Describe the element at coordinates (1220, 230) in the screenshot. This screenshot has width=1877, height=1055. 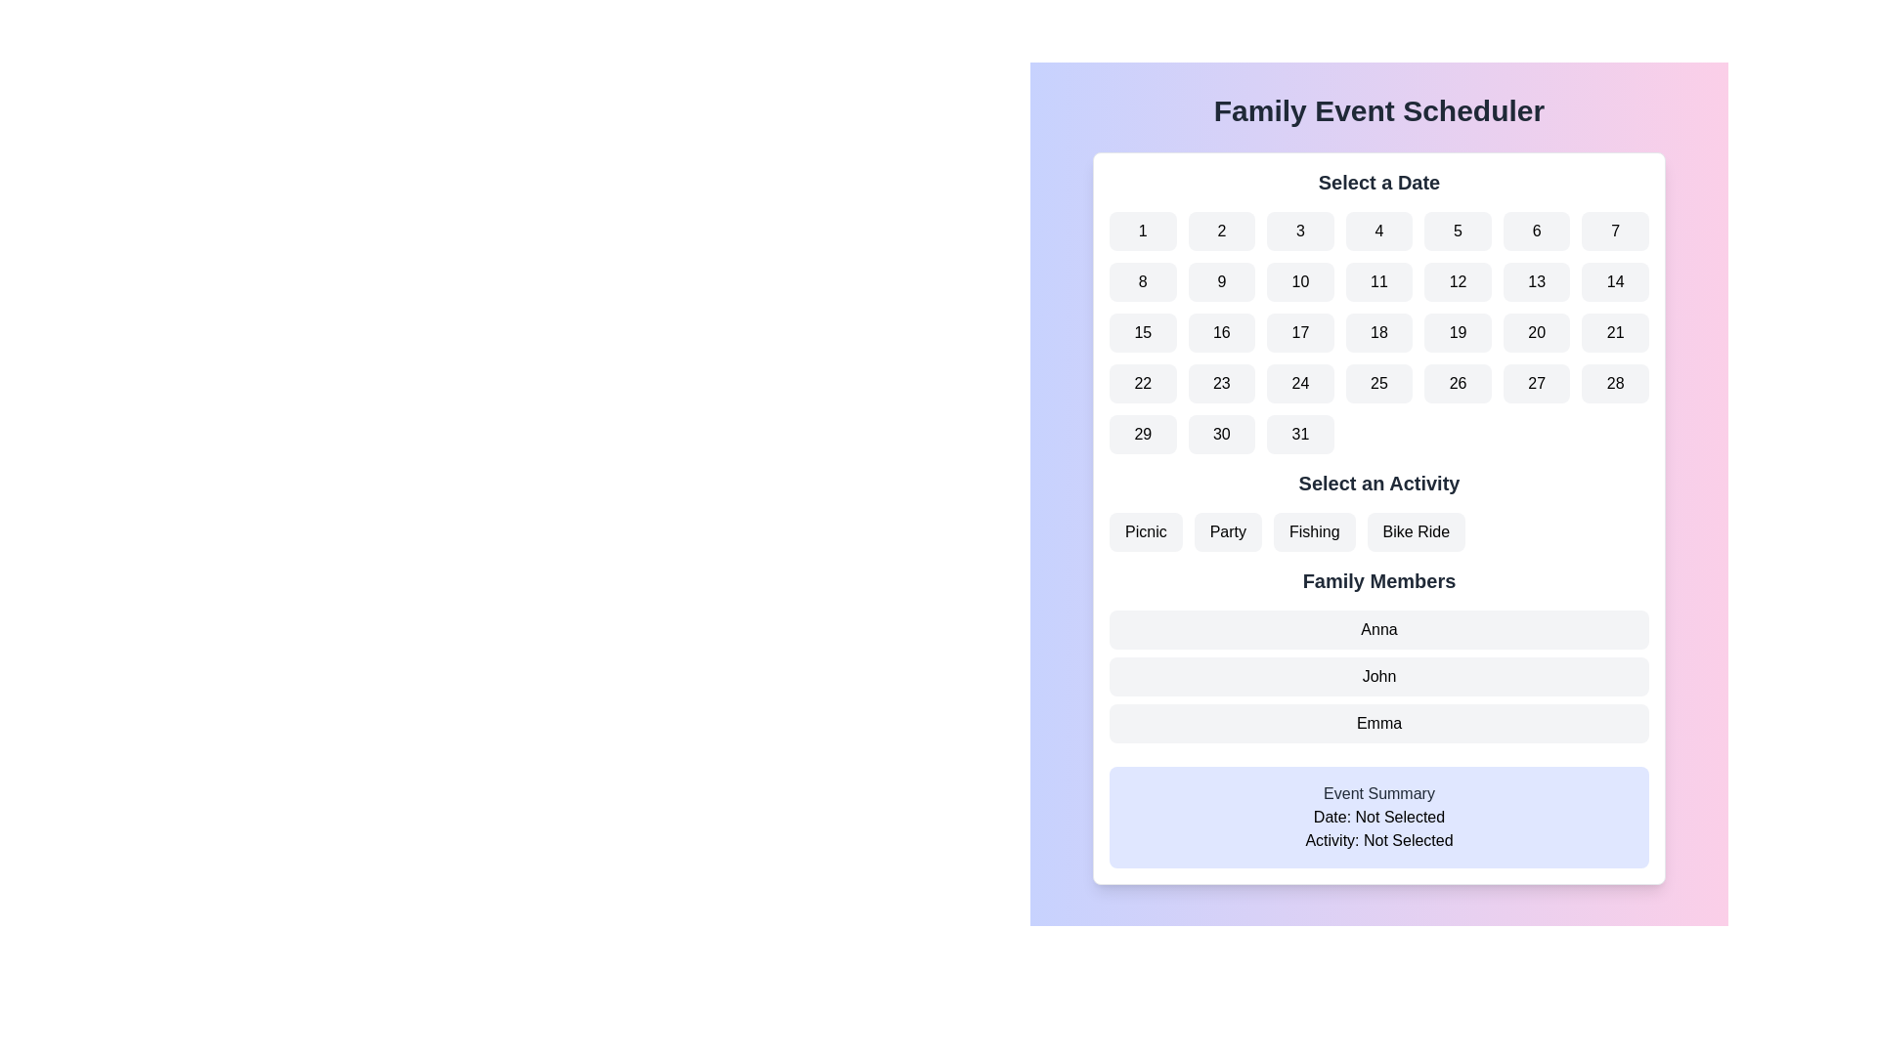
I see `the square button labeled '2' with a lightly rounded border, located in the first row and second column of the calendar grid layout` at that location.